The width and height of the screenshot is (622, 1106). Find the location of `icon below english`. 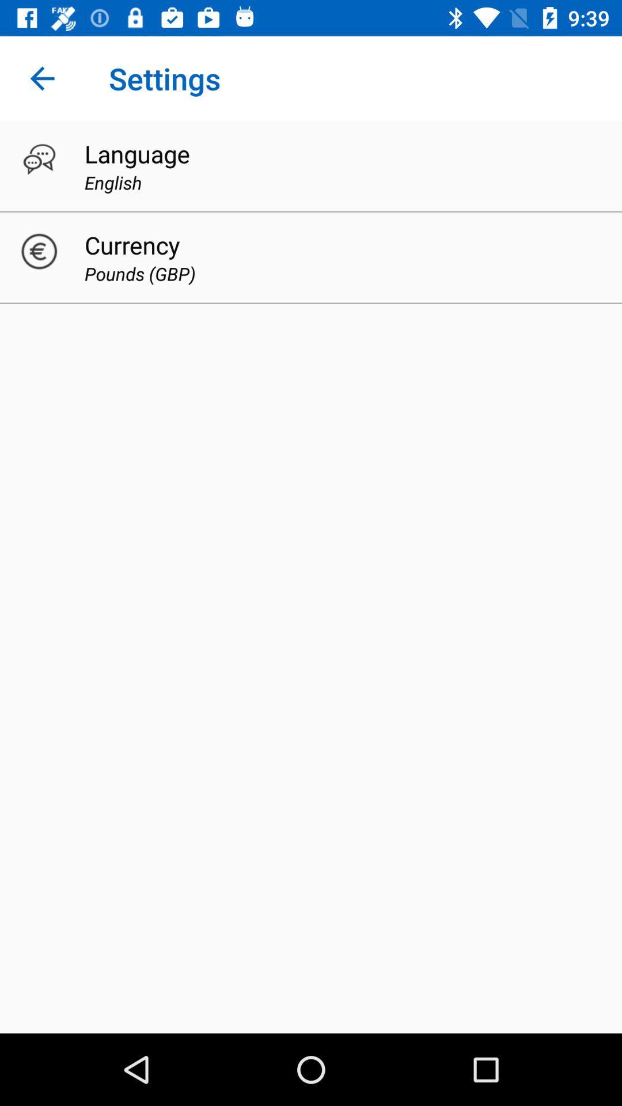

icon below english is located at coordinates (131, 244).